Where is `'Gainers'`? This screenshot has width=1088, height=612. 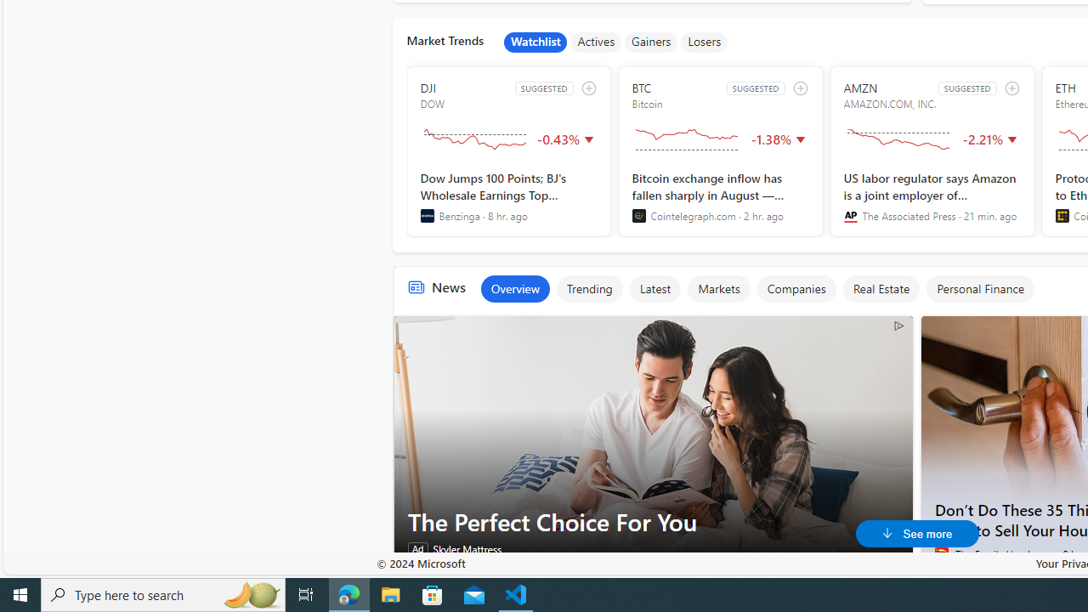
'Gainers' is located at coordinates (650, 42).